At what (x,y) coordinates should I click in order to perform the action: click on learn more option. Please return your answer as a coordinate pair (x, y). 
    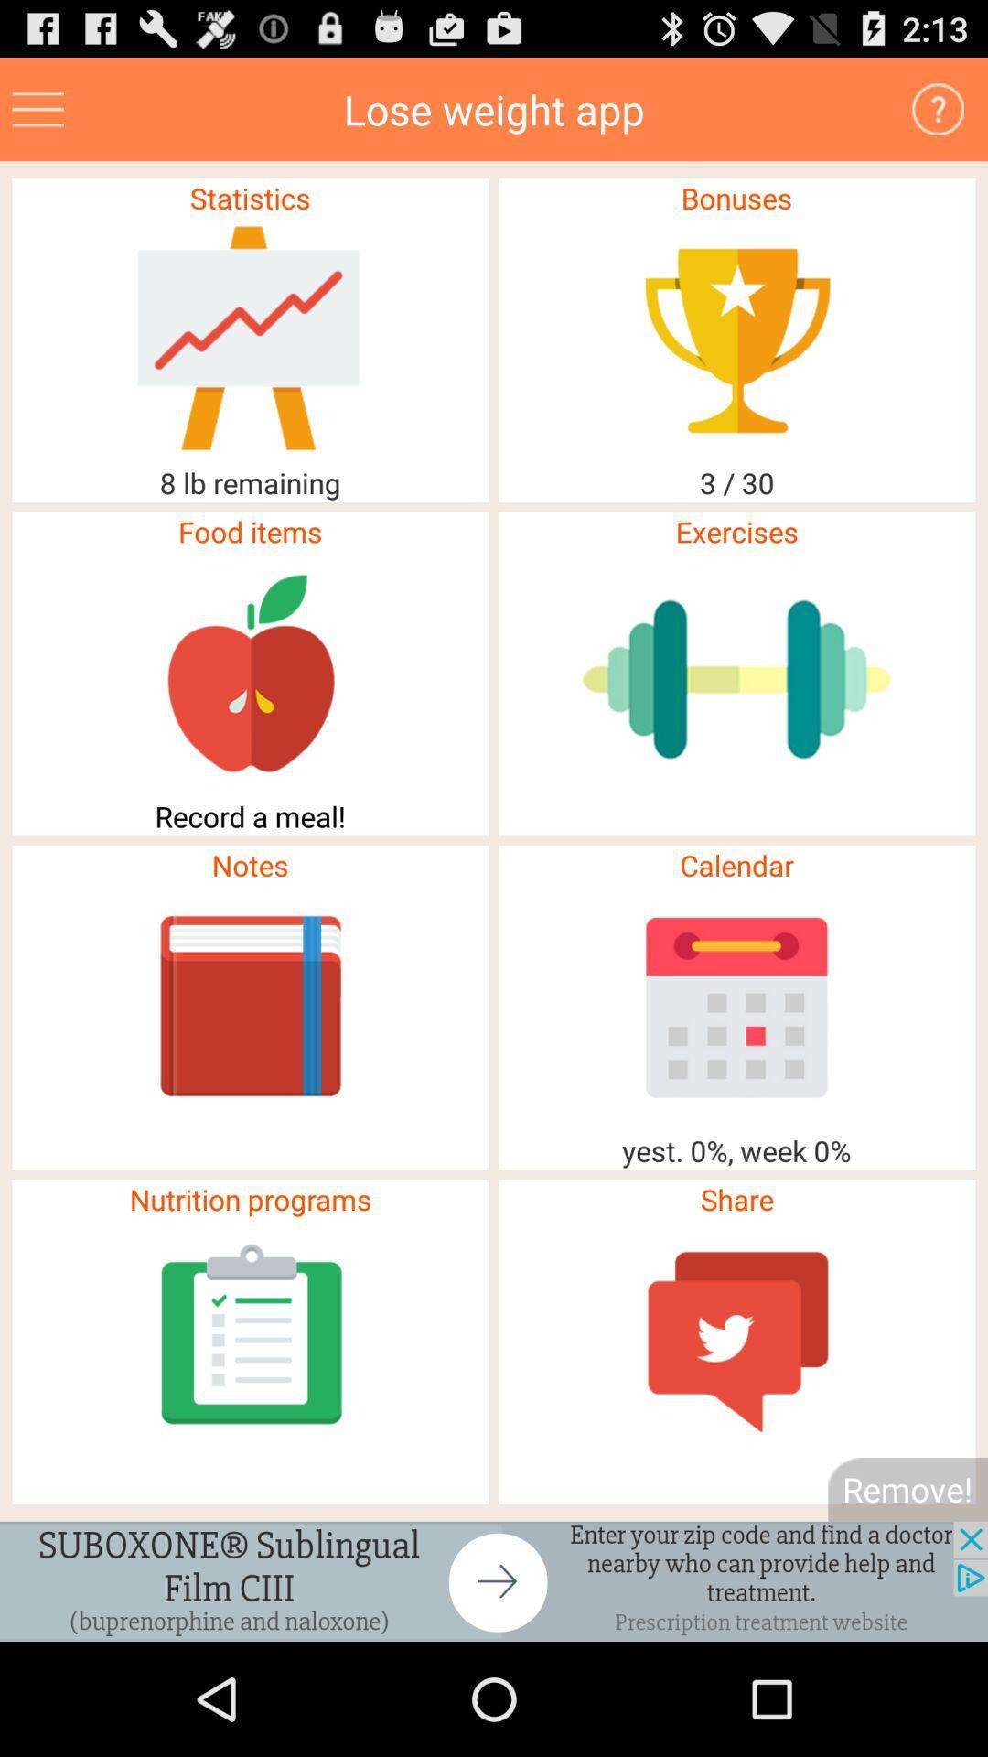
    Looking at the image, I should click on (938, 108).